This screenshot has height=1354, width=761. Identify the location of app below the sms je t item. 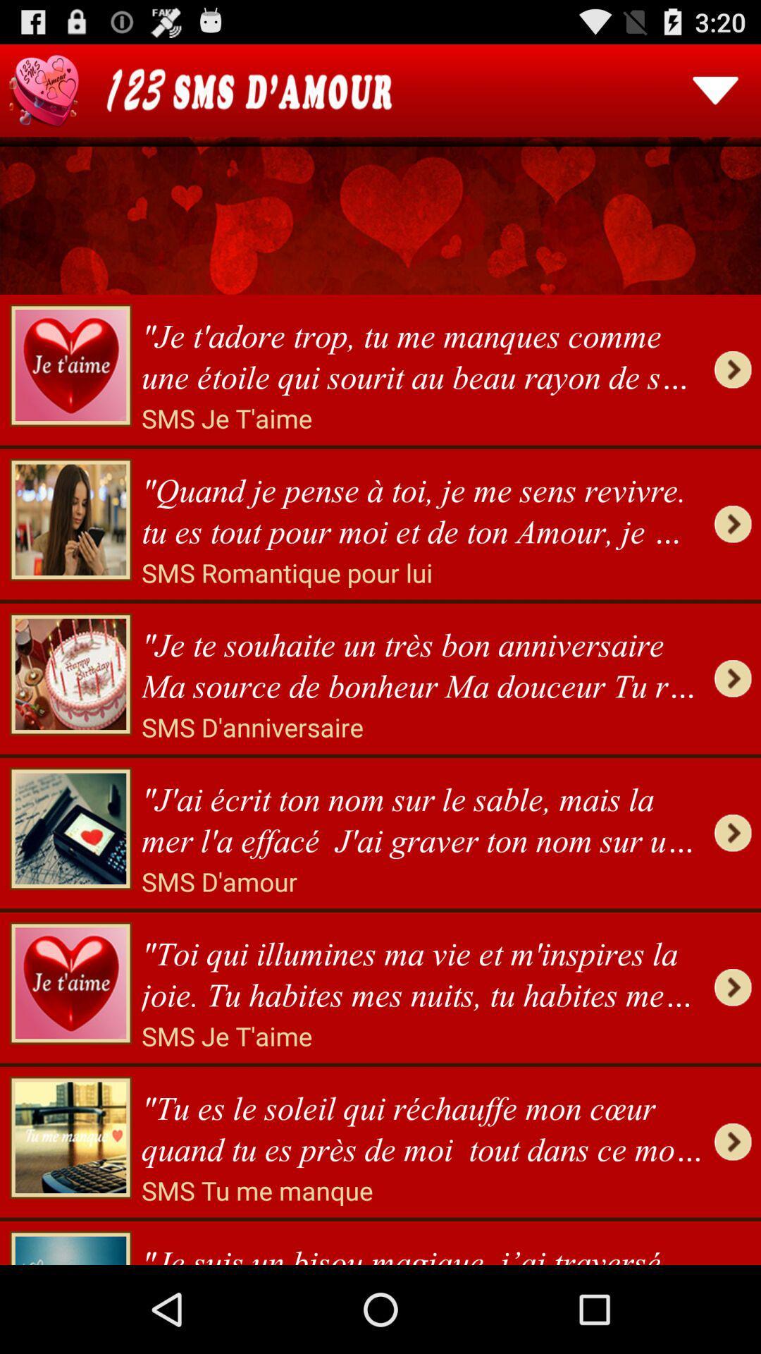
(422, 506).